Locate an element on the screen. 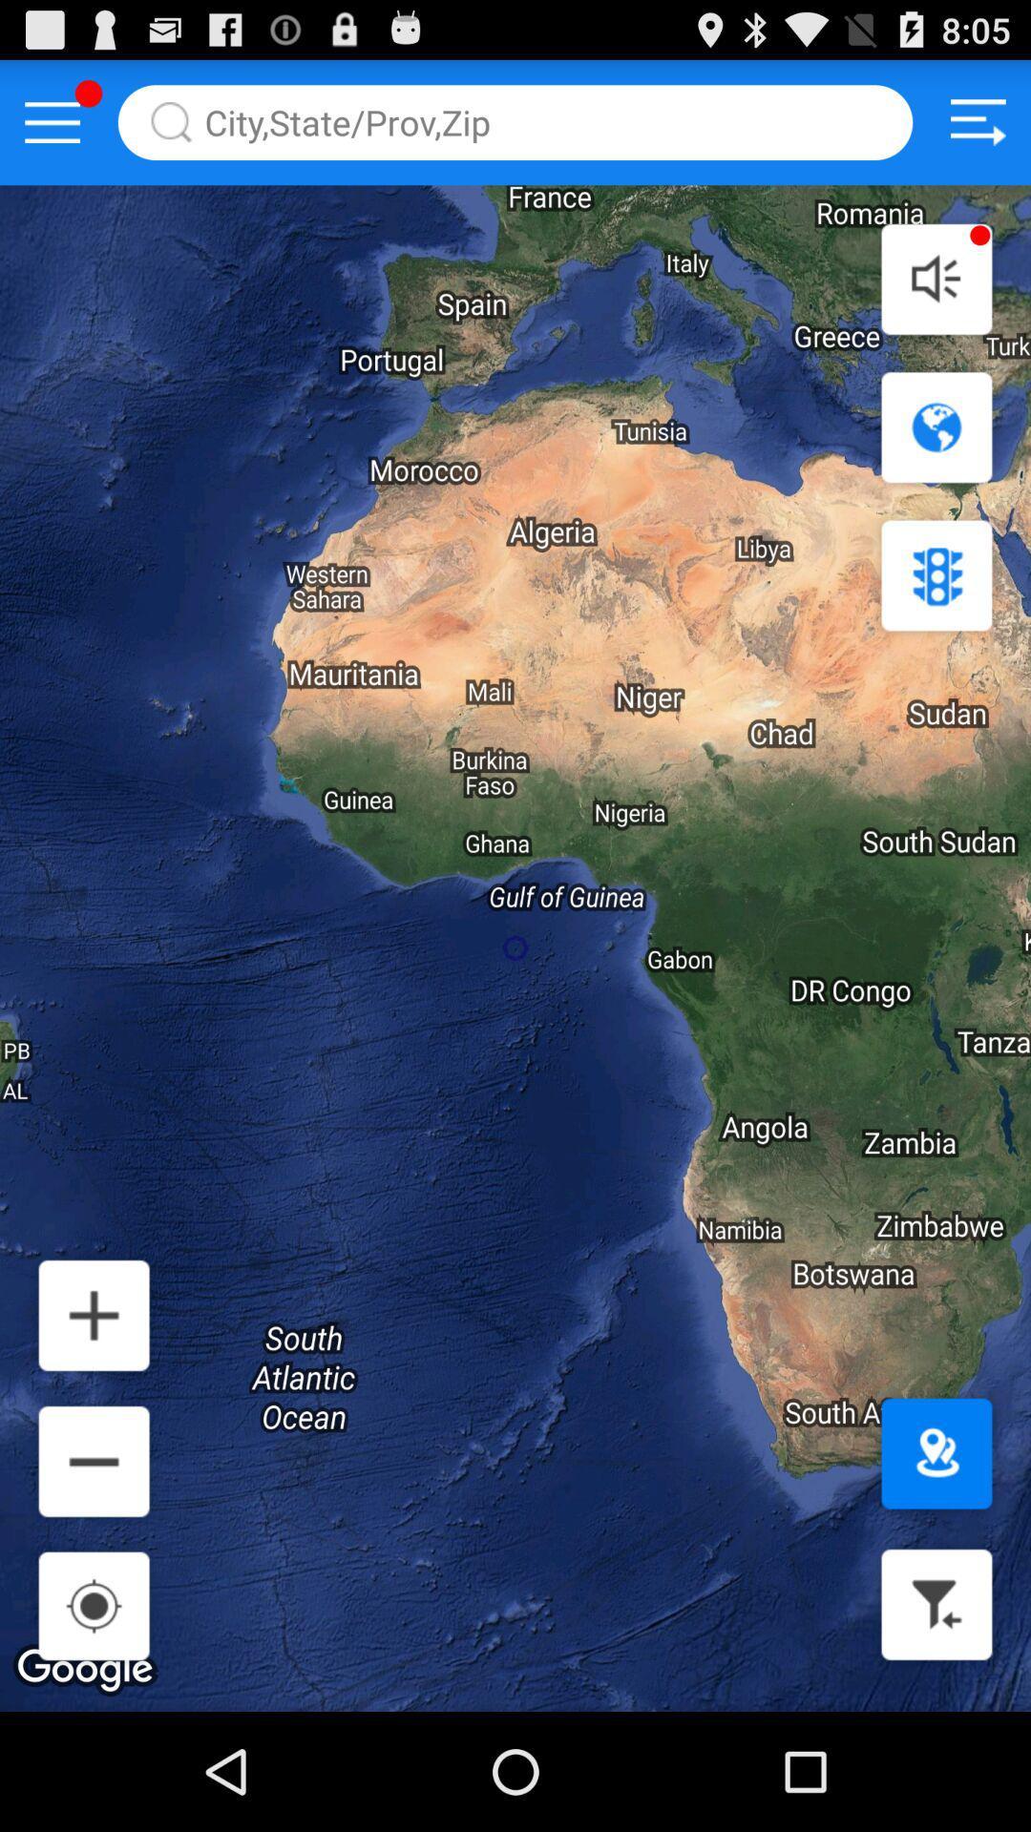 The width and height of the screenshot is (1031, 1832). filter button is located at coordinates (936, 1603).